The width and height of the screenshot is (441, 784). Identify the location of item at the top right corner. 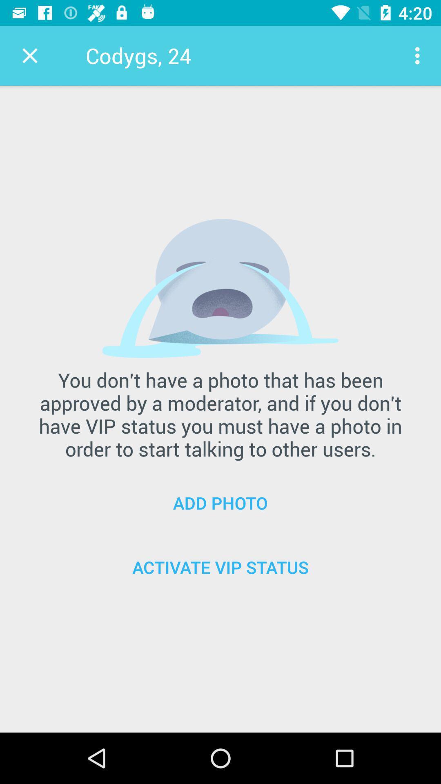
(419, 55).